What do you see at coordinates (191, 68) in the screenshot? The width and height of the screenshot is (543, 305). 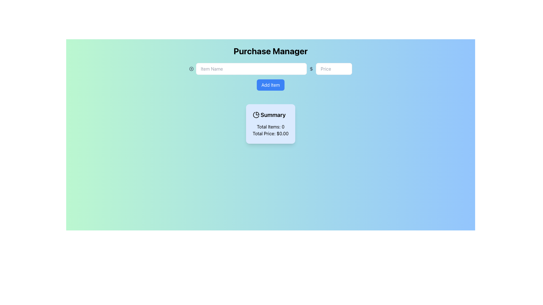 I see `the circular SVG icon with a gray border and a plus sign in the middle, located immediately to the left of the 'Item Name' text input field` at bounding box center [191, 68].